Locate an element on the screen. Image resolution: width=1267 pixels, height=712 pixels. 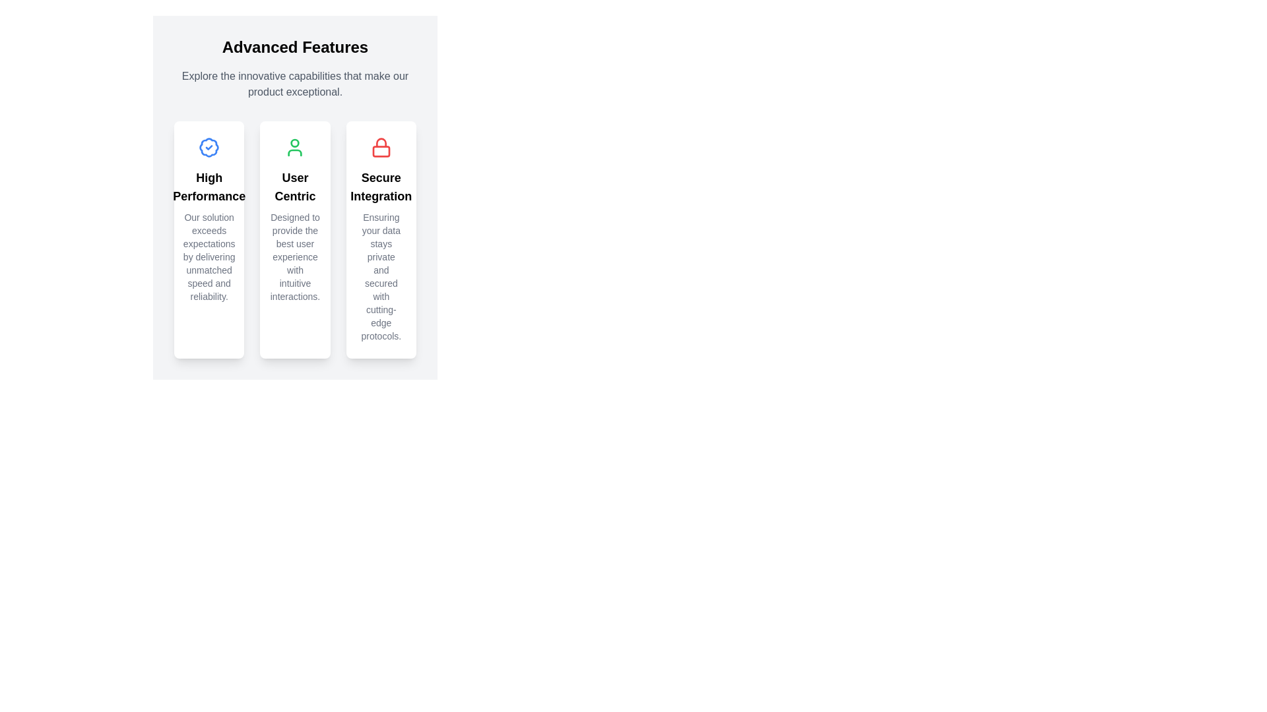
text content displayed in the gray text block that describes the user experience, located within the 'User Centric' card below the heading is located at coordinates (294, 256).